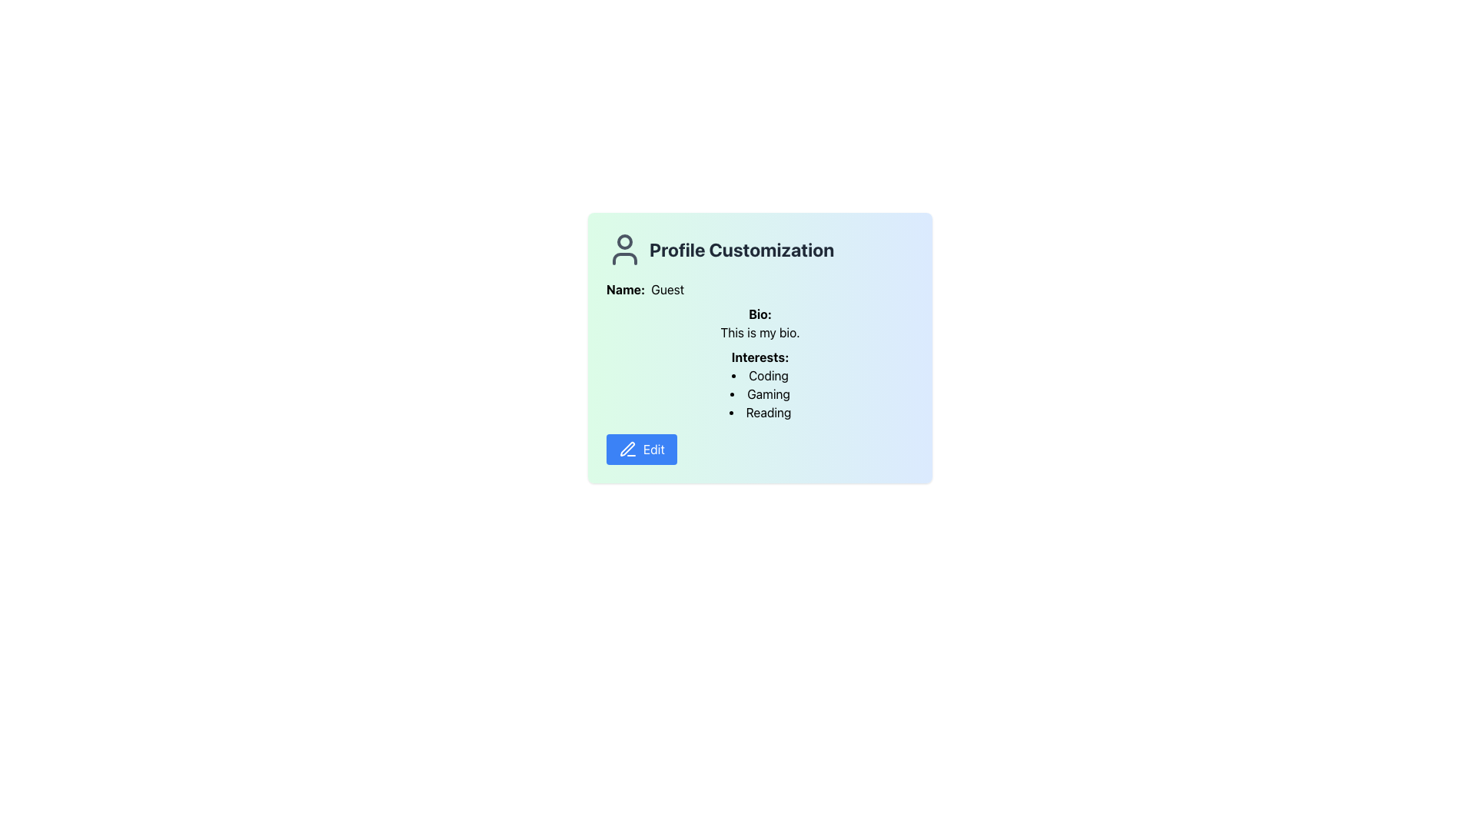 The width and height of the screenshot is (1476, 830). What do you see at coordinates (760, 393) in the screenshot?
I see `the Unordered List displaying the user's interests, located in the profile customization interface below the 'Interests:' section` at bounding box center [760, 393].